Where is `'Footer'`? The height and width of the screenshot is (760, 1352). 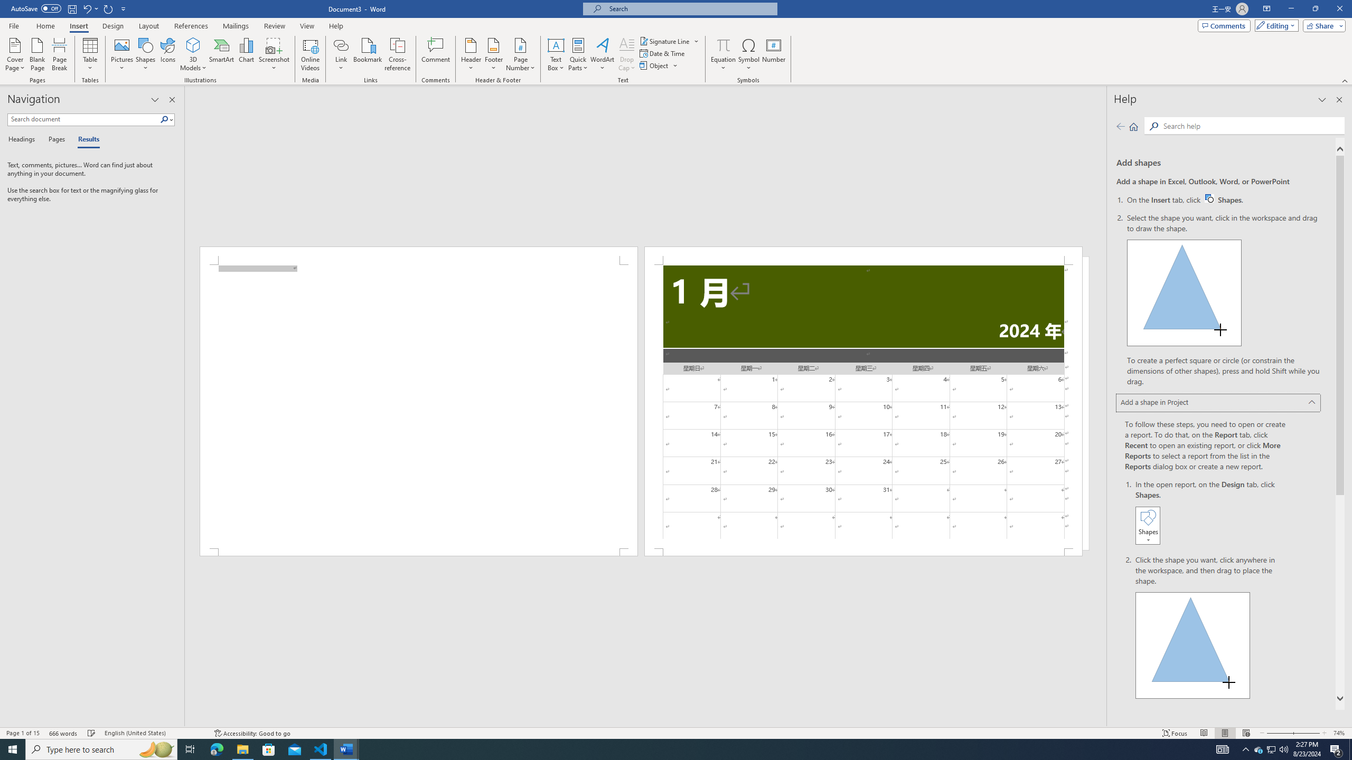
'Footer' is located at coordinates (493, 54).